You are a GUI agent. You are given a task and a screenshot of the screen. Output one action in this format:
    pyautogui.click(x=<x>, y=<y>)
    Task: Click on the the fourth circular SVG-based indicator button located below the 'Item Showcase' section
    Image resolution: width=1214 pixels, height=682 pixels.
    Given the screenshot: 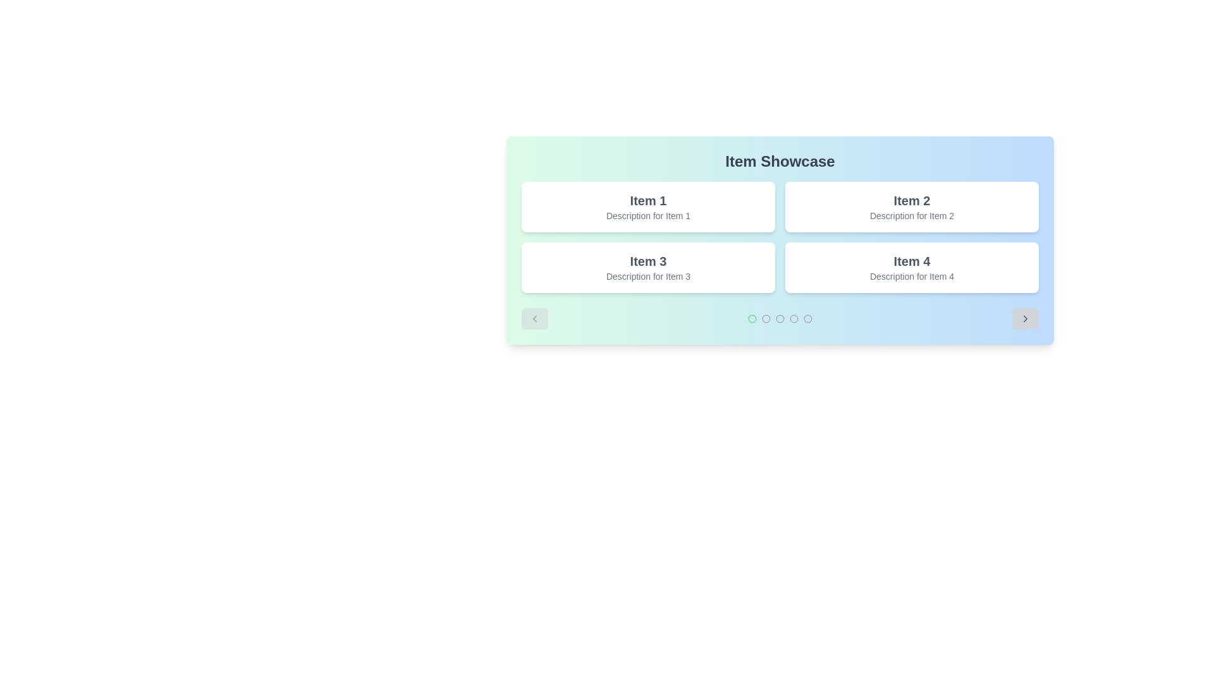 What is the action you would take?
    pyautogui.click(x=807, y=318)
    